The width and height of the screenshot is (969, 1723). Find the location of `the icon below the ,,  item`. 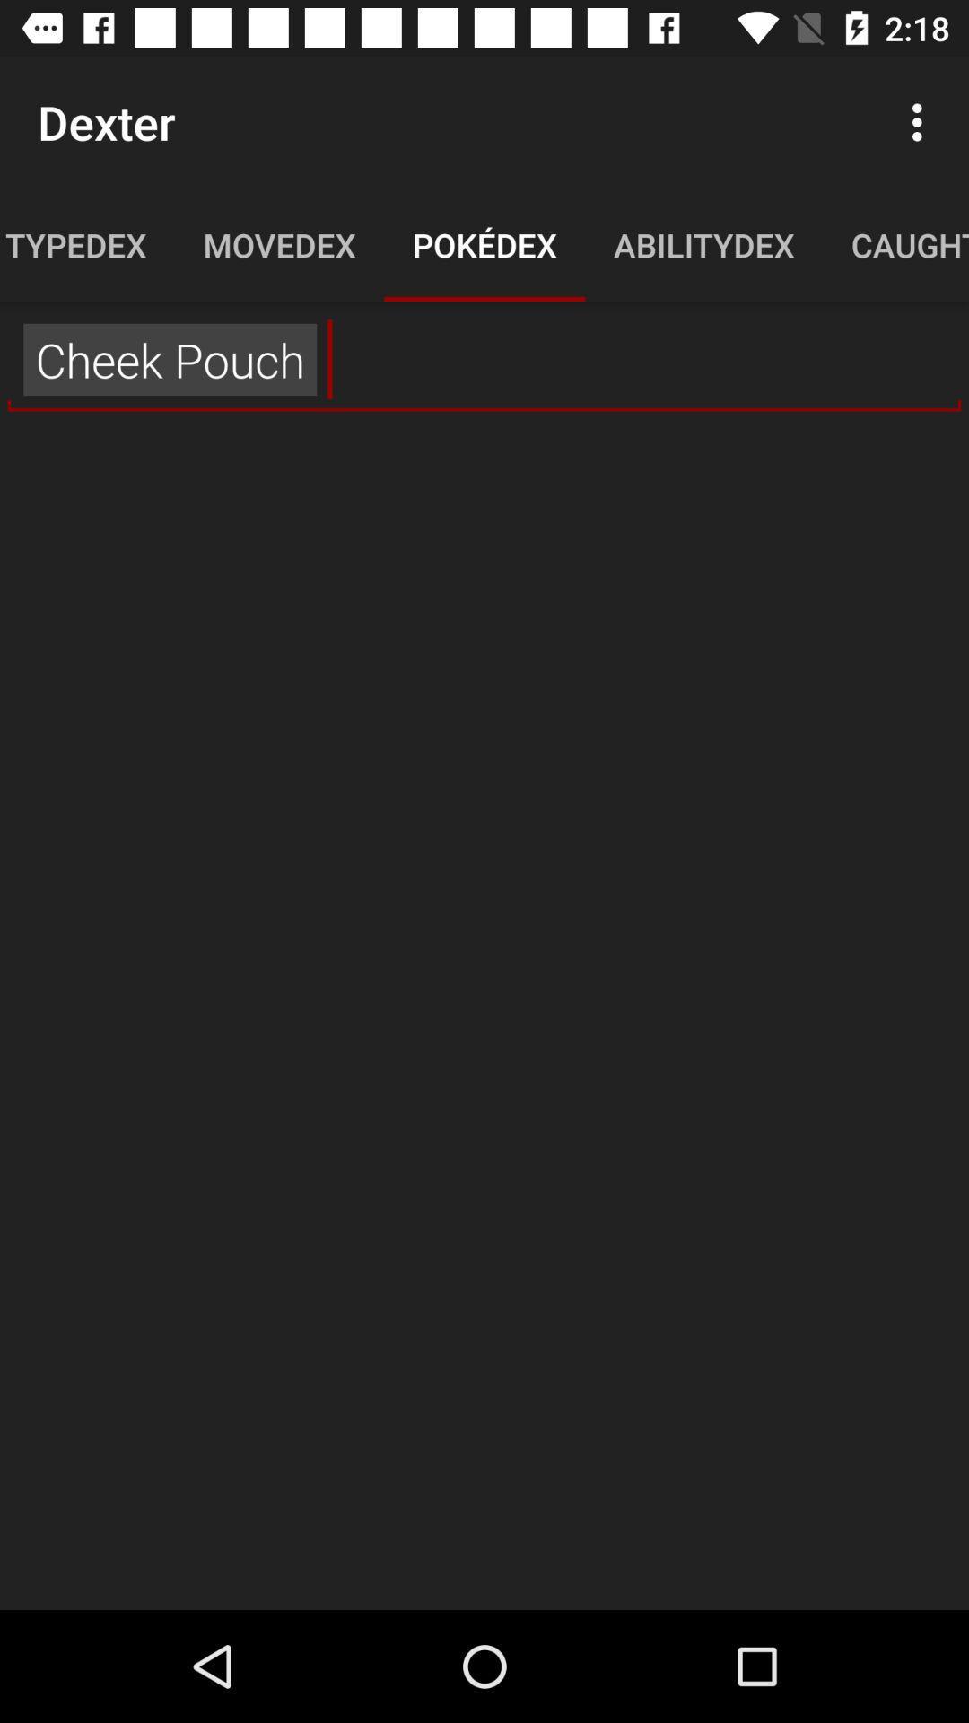

the icon below the ,,  item is located at coordinates (484, 1014).